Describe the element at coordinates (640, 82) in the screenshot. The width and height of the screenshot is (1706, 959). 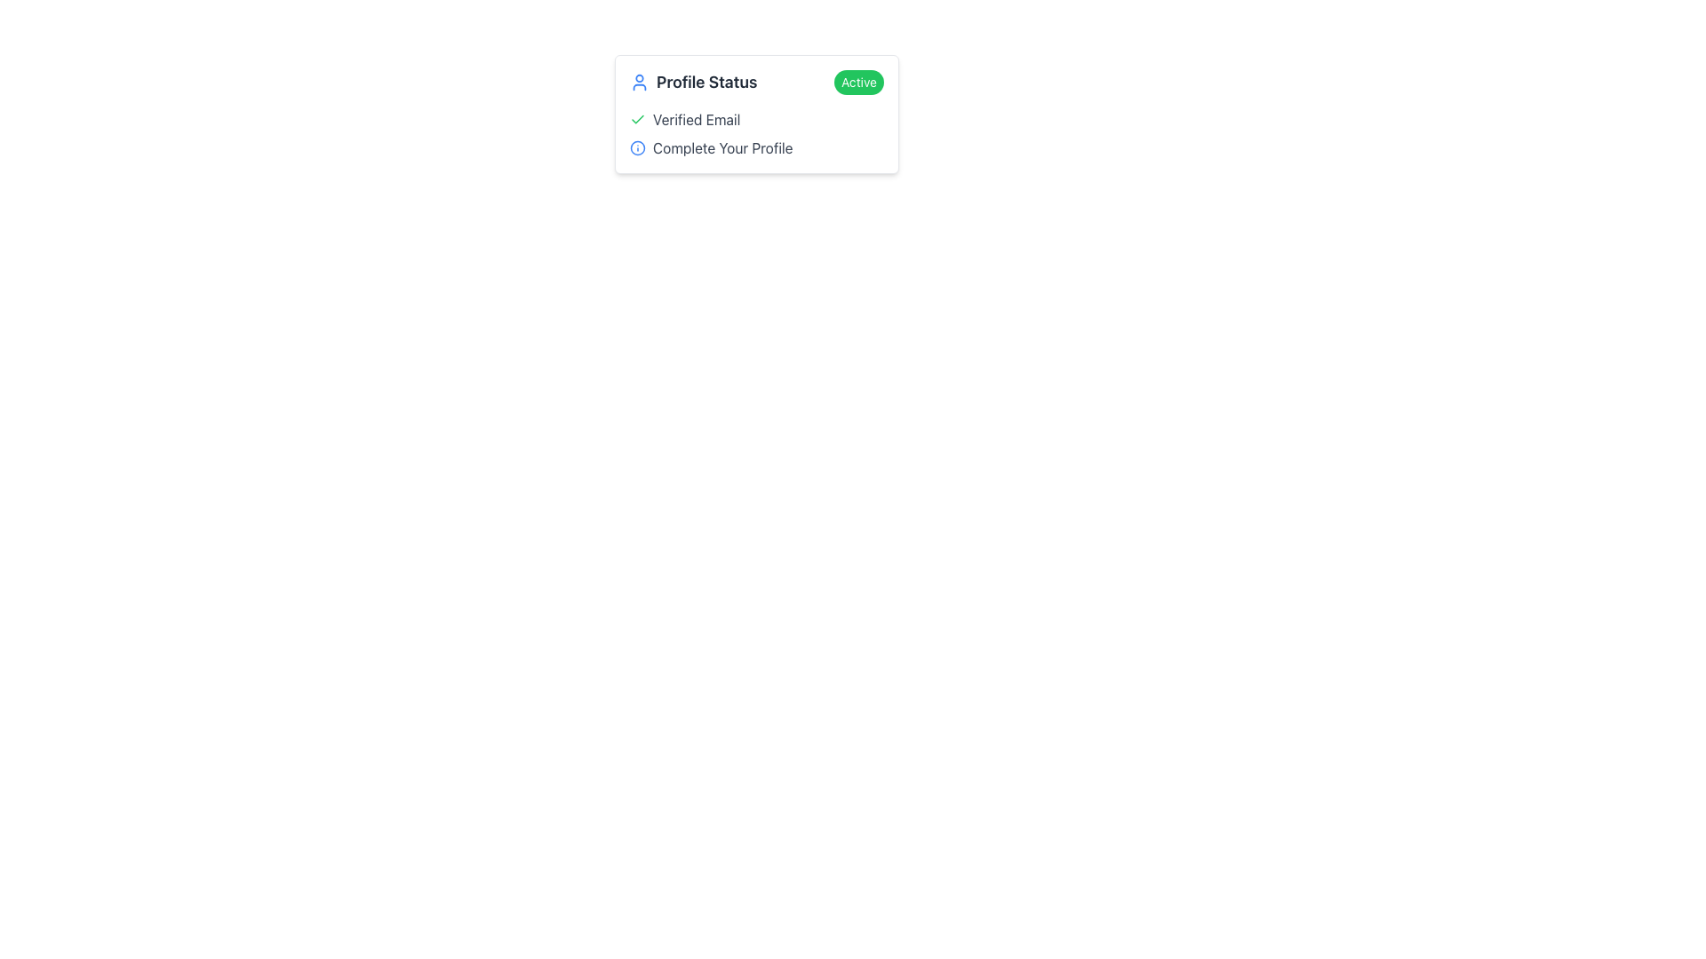
I see `the user icon styled as an outline in blue color, which is positioned to the left of the 'Profile Status' text label` at that location.